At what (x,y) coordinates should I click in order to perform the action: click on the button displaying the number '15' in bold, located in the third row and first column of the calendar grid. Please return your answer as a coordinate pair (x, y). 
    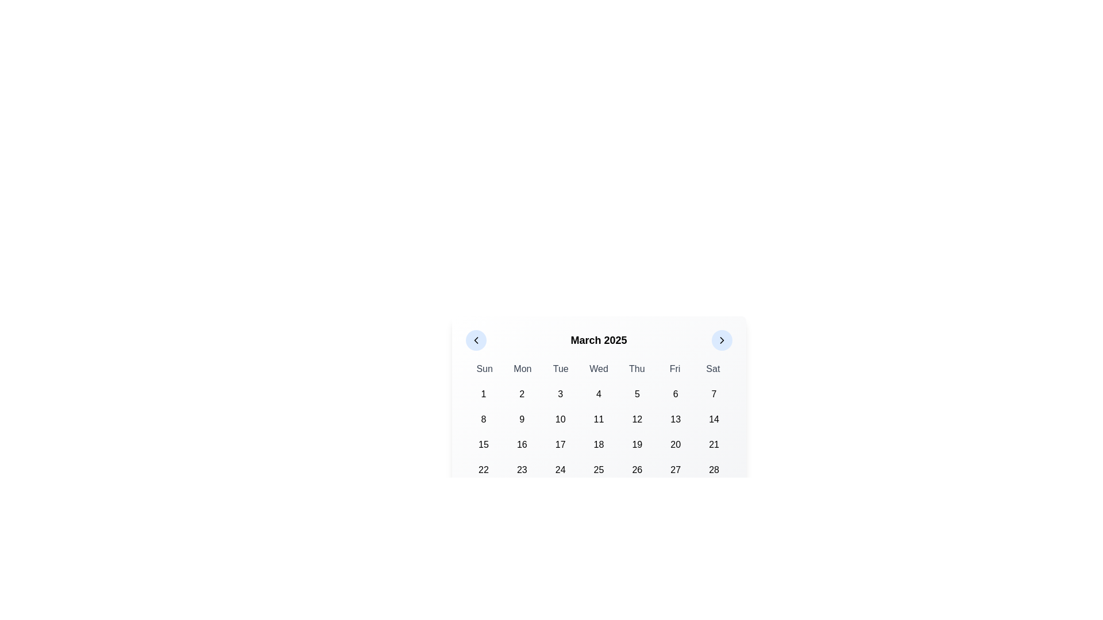
    Looking at the image, I should click on (483, 444).